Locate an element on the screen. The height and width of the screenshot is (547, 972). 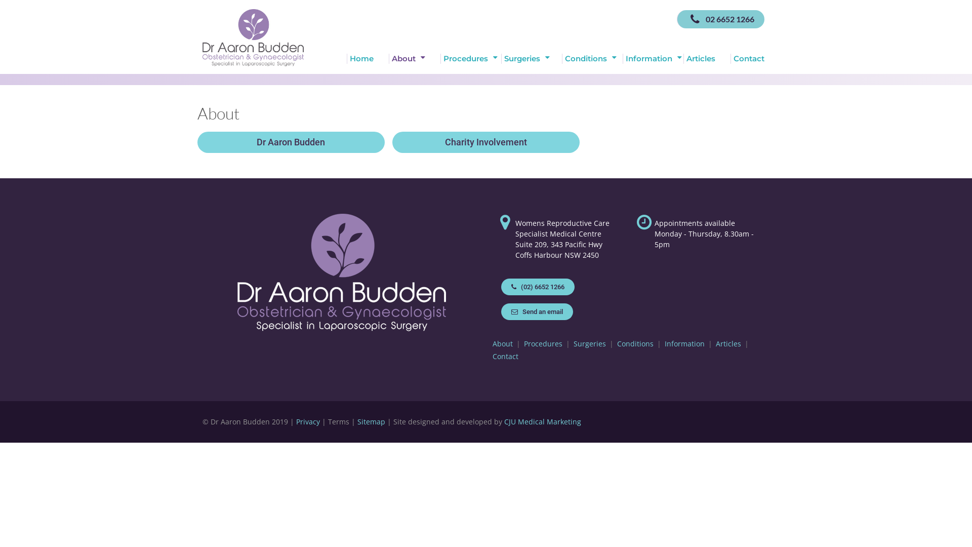
'02 6652 1266' is located at coordinates (720, 19).